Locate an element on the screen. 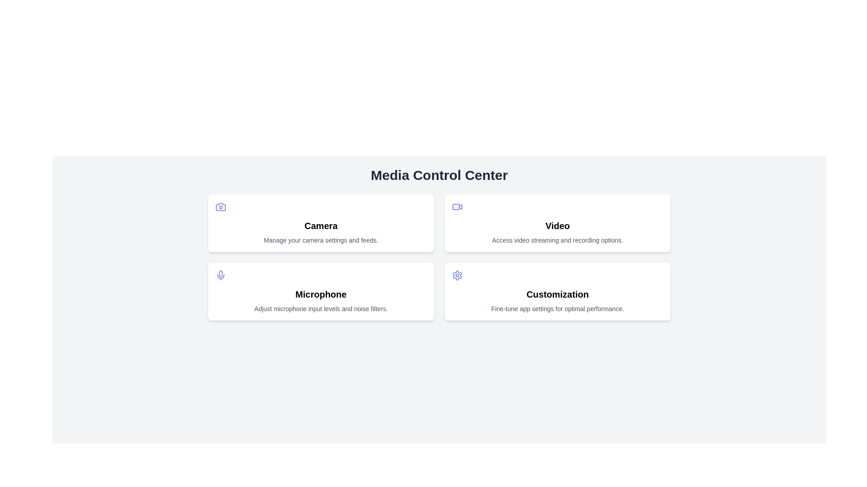 The image size is (867, 487). the video camera icon, which is a light purple outlined icon located in the upper-right card labeled 'Video' within a grid of four cards is located at coordinates (457, 207).